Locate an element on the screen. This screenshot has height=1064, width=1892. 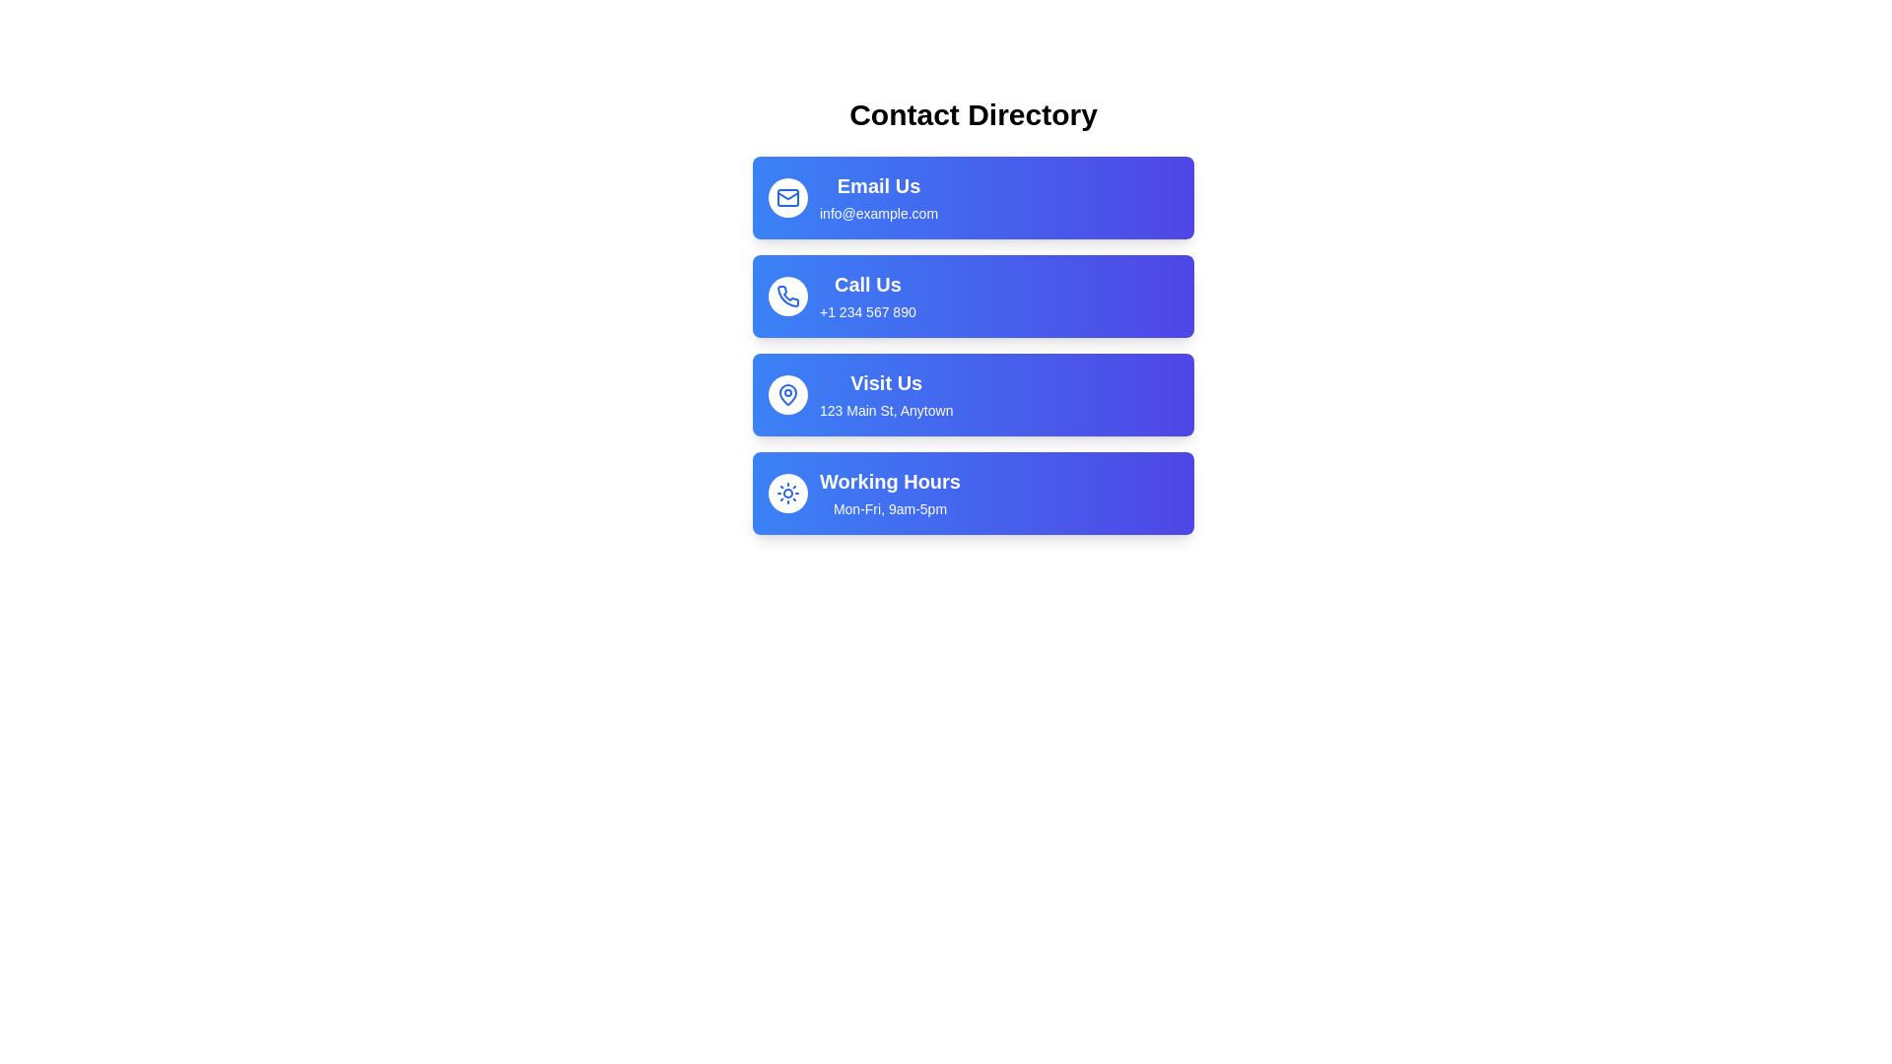
the circular Icon Button with a blue phone icon located in the 'Call Us' section of the Contact Directory, positioned to the left of the text '+1 234 567 890' is located at coordinates (788, 296).